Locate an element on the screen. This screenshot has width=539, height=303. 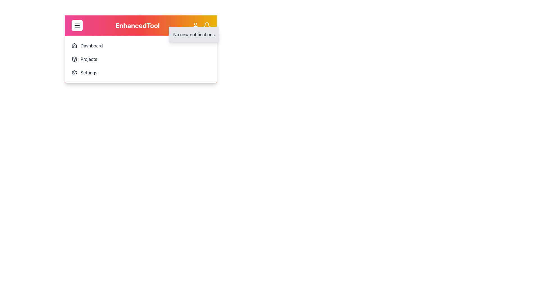
the 'Projects' navigation menu item located below the 'Dashboard' option and above the 'Settings' option is located at coordinates (141, 59).